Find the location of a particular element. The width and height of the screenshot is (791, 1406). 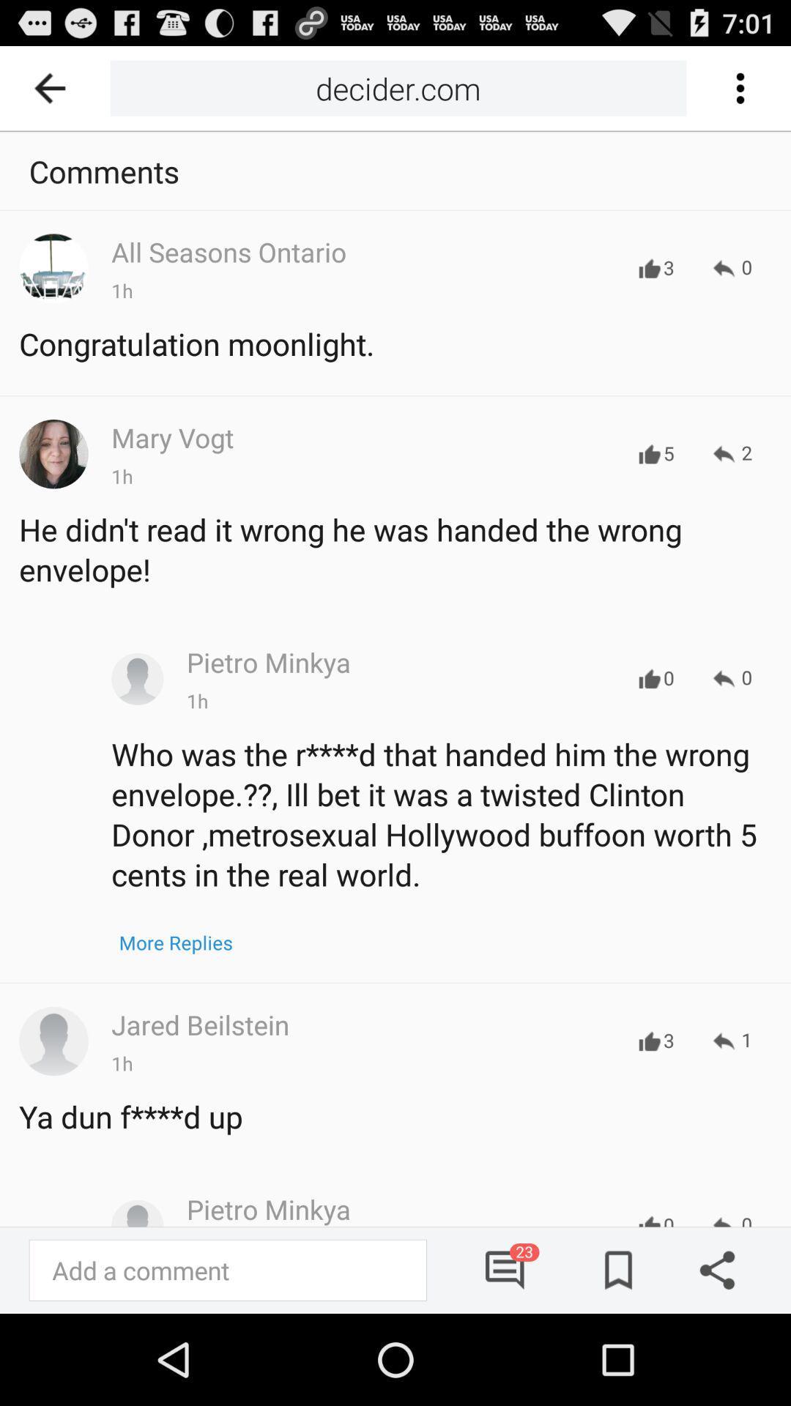

item to the right of add a comment is located at coordinates (505, 1269).